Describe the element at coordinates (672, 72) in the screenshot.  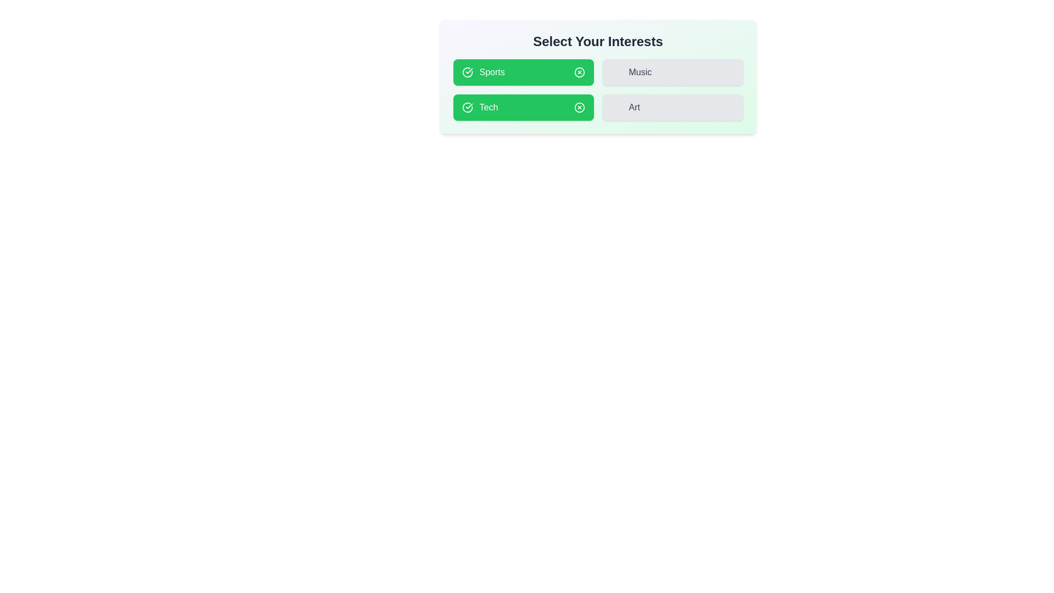
I see `the button corresponding to the interest Music to toggle its selection state` at that location.